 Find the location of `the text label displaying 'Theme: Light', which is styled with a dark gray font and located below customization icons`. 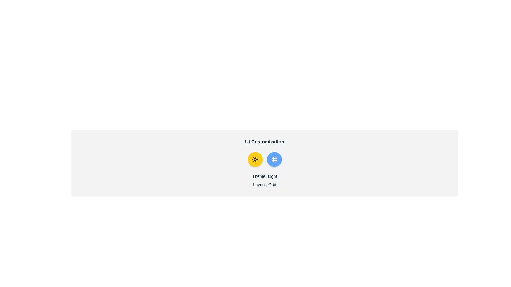

the text label displaying 'Theme: Light', which is styled with a dark gray font and located below customization icons is located at coordinates (265, 176).